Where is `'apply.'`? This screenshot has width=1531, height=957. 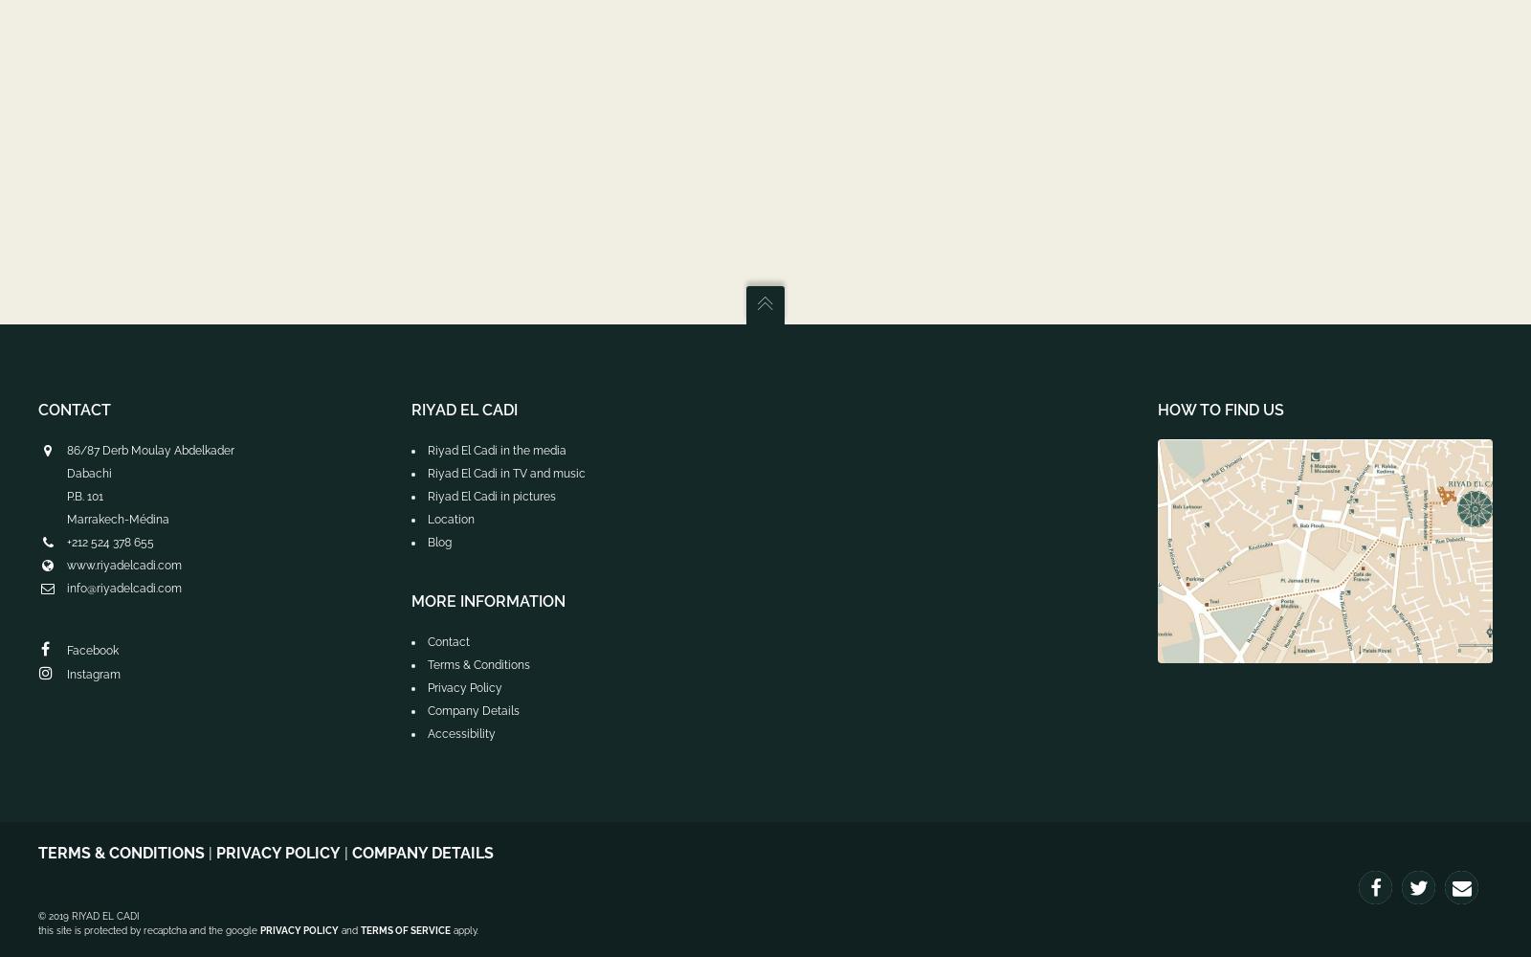
'apply.' is located at coordinates (463, 929).